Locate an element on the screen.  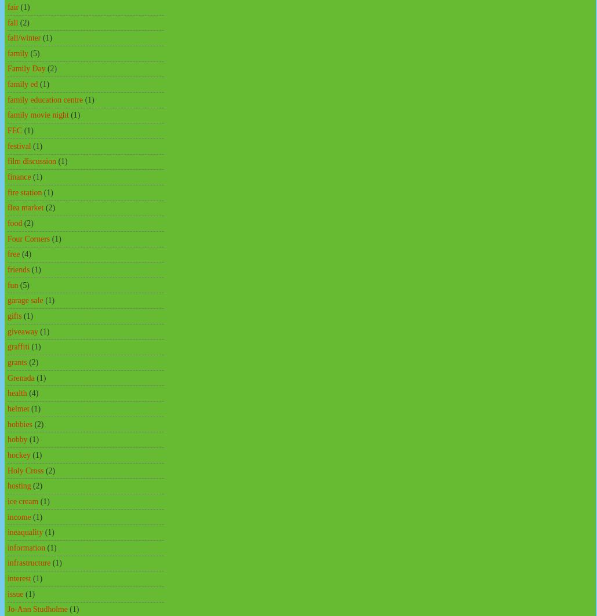
'film discussion' is located at coordinates (31, 161).